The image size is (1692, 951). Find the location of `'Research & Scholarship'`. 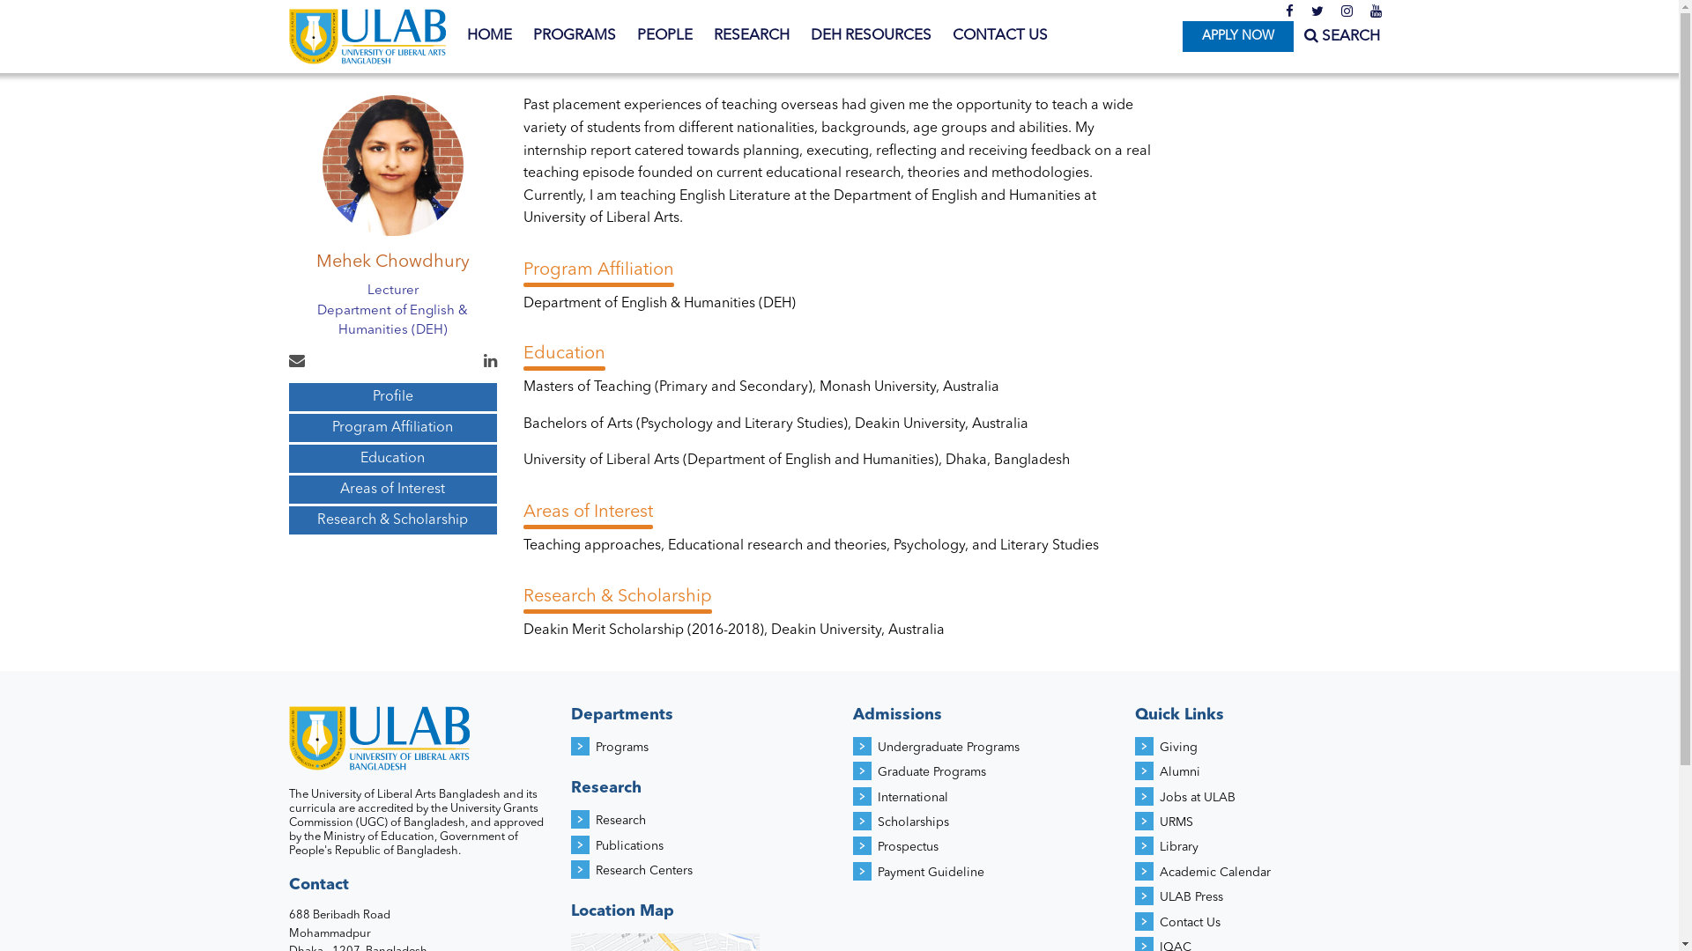

'Research & Scholarship' is located at coordinates (392, 519).